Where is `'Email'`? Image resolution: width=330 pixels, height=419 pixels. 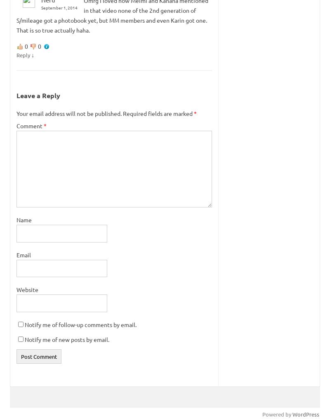
'Email' is located at coordinates (23, 254).